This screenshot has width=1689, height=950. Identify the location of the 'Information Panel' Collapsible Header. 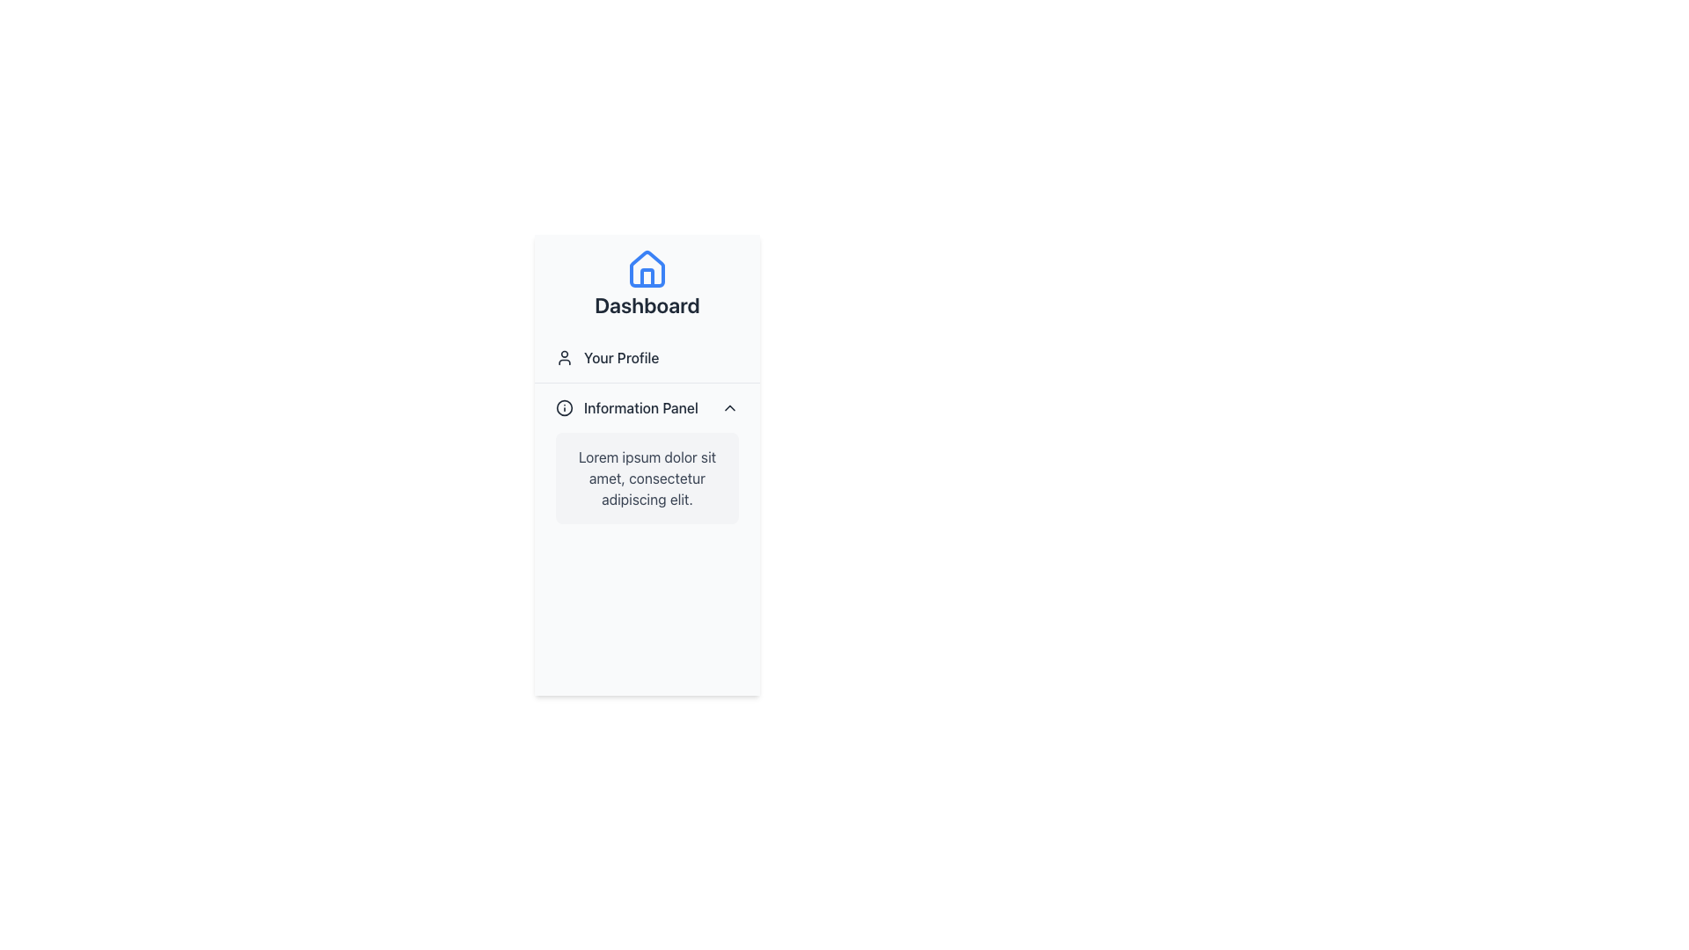
(646, 407).